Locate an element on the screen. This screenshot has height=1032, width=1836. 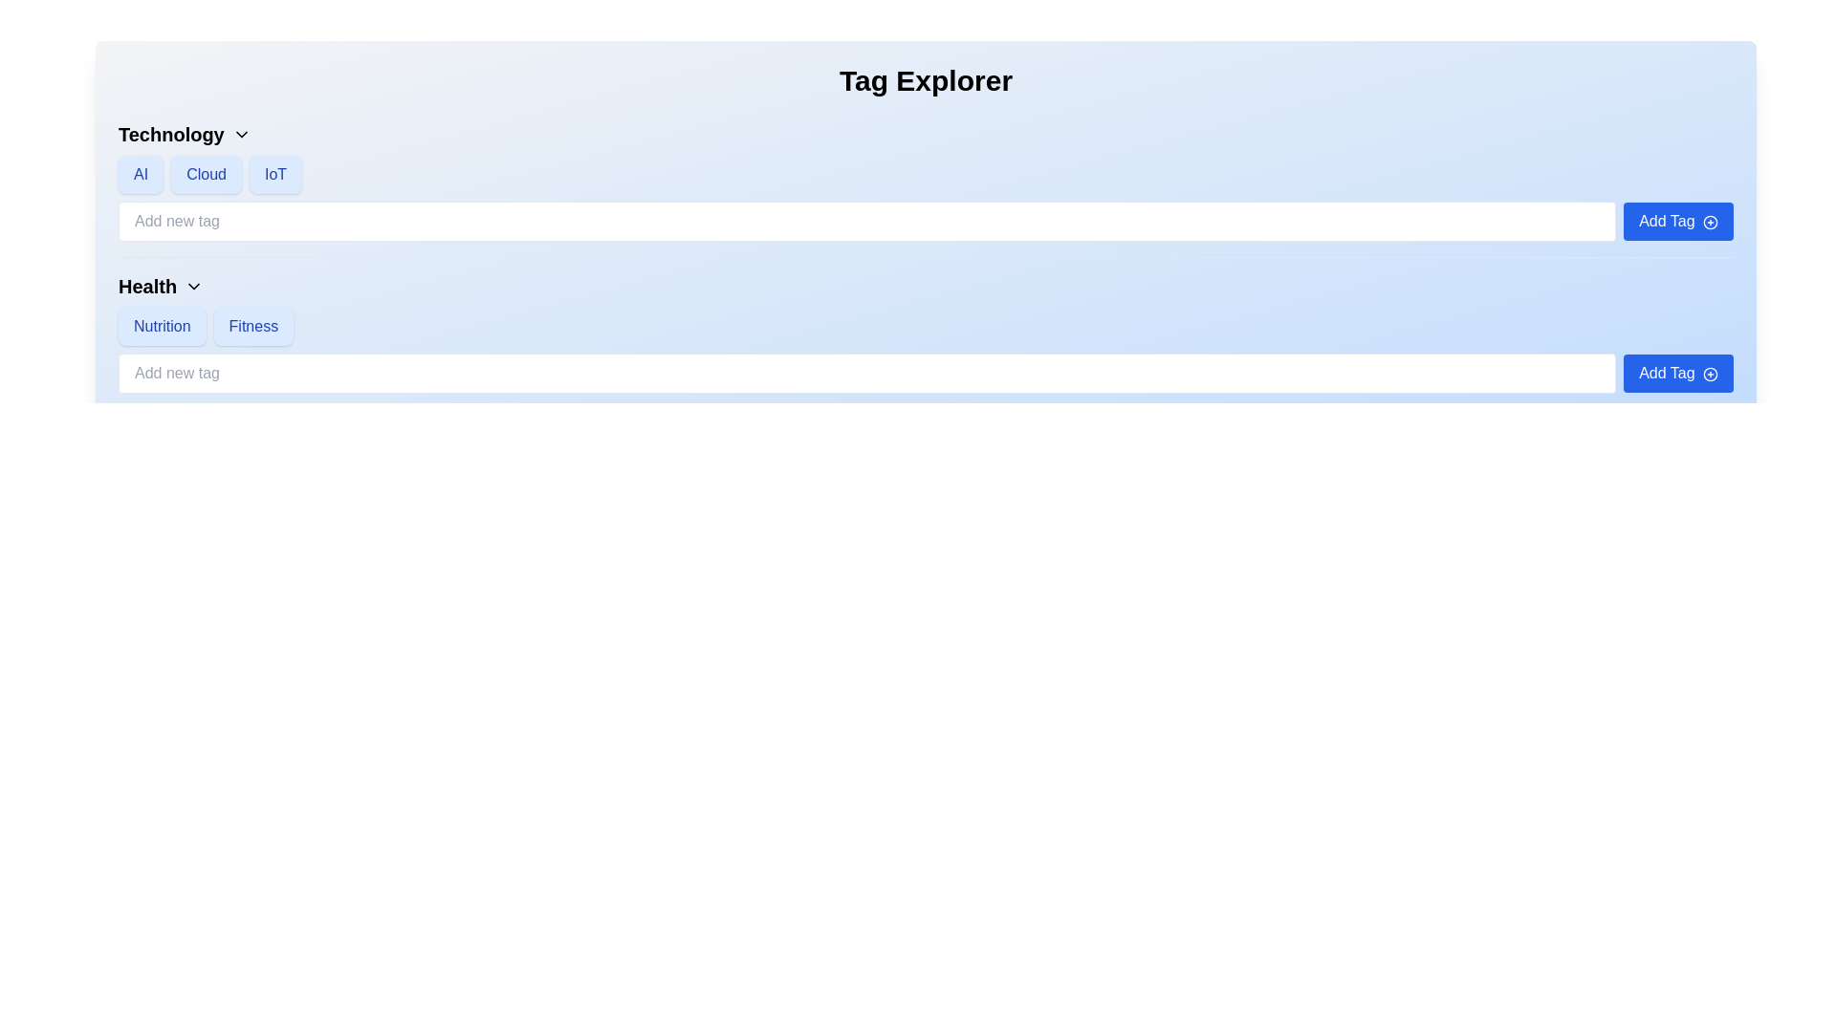
the circular graphical icon with a blue outline that is part of the button next to the 'Add Tag' button located in the 'Health' section at the bottom of the interface is located at coordinates (1711, 373).